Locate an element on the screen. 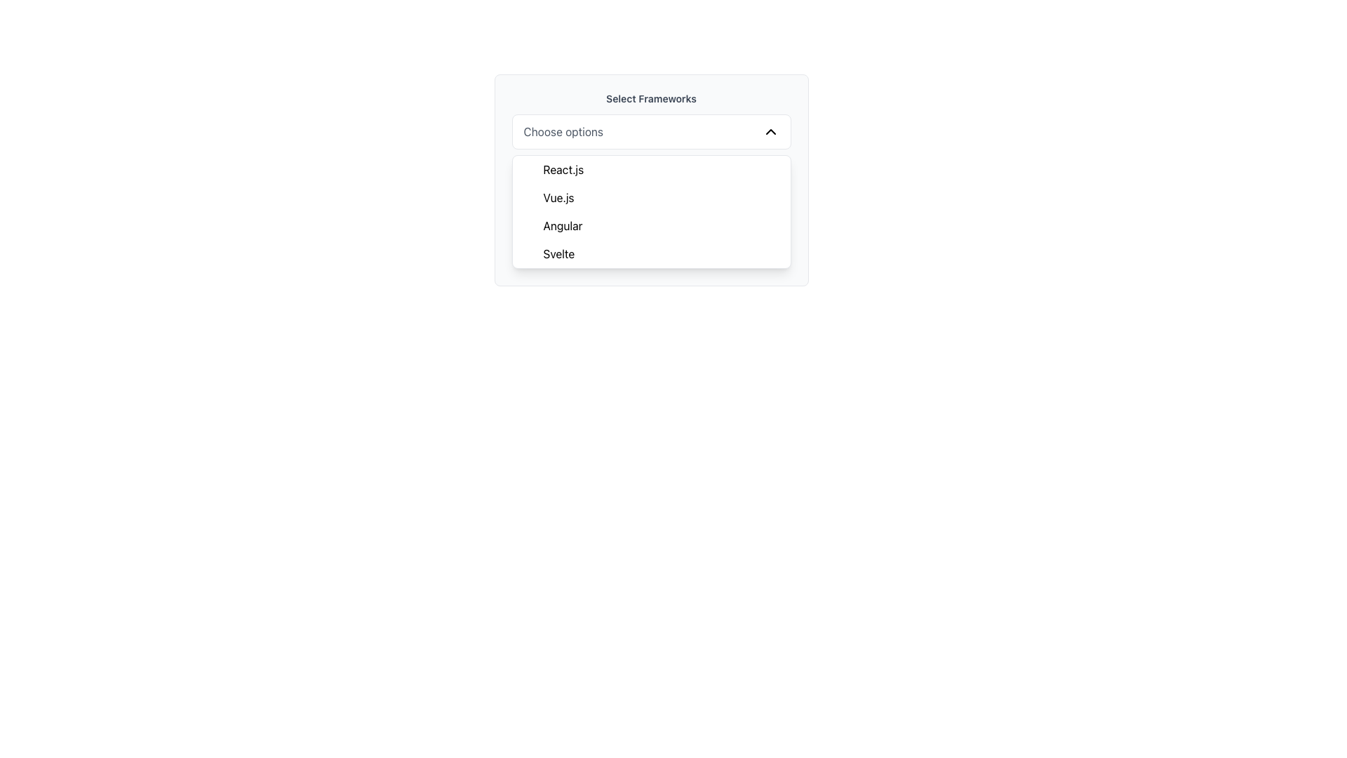  the first selectable menu item in the dropdown that represents 'React.js' is located at coordinates (650, 169).